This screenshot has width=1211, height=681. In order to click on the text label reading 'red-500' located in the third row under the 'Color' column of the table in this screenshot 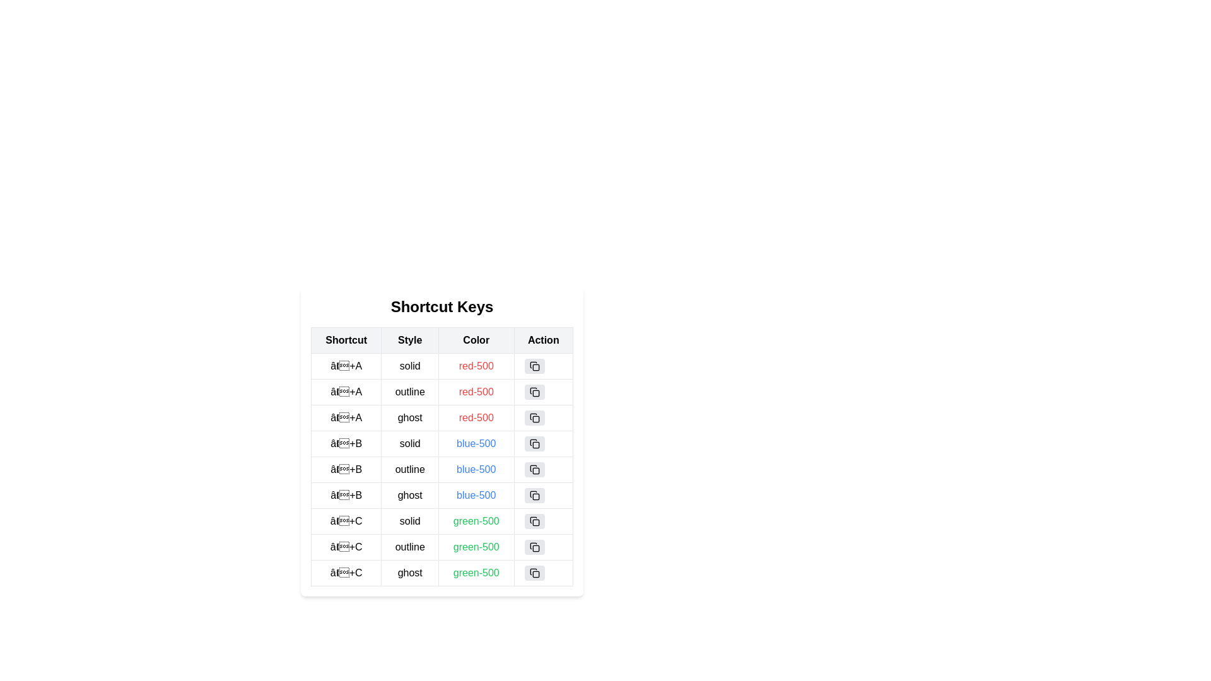, I will do `click(442, 418)`.